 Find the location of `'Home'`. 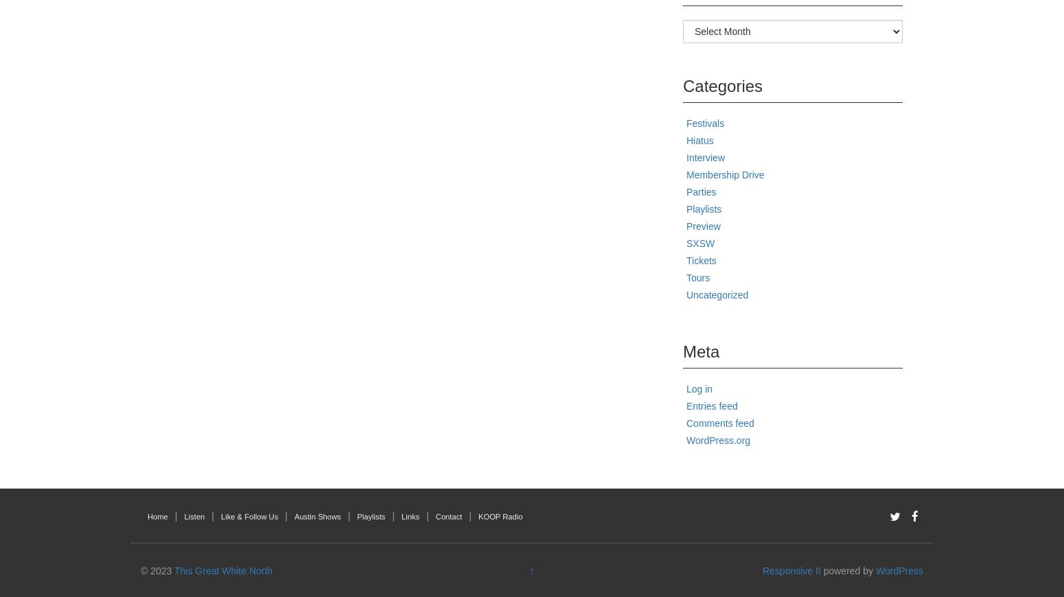

'Home' is located at coordinates (157, 516).